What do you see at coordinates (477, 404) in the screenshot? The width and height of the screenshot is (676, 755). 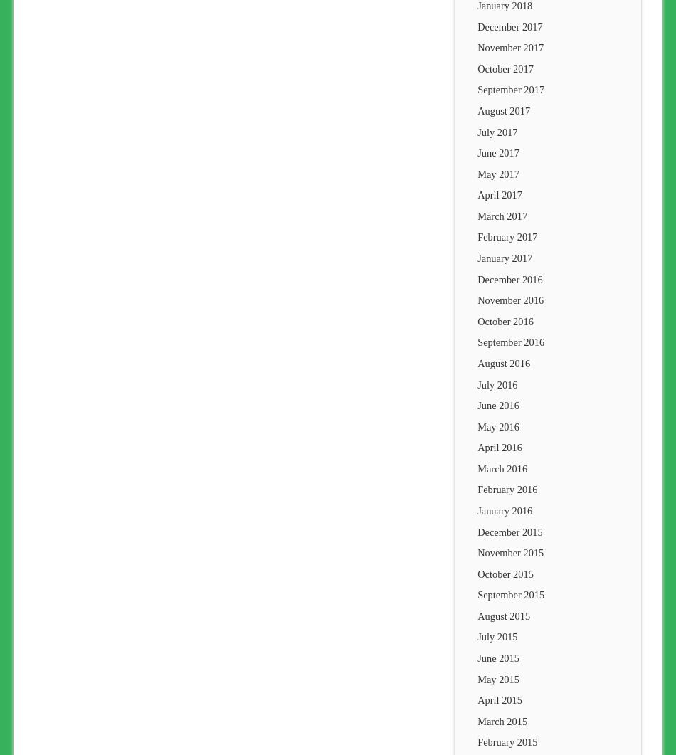 I see `'June 2016'` at bounding box center [477, 404].